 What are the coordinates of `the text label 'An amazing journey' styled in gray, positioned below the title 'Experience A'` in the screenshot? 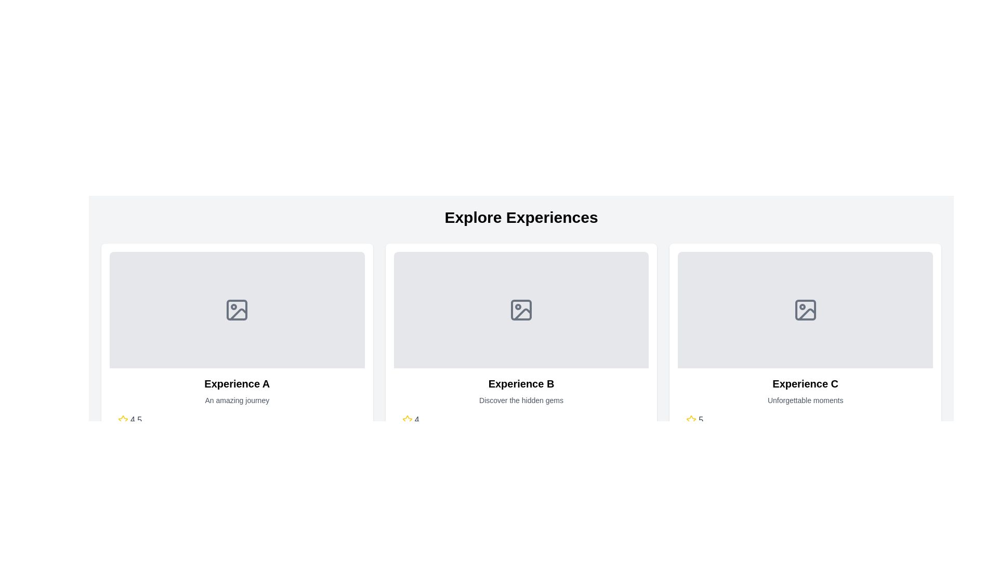 It's located at (237, 400).